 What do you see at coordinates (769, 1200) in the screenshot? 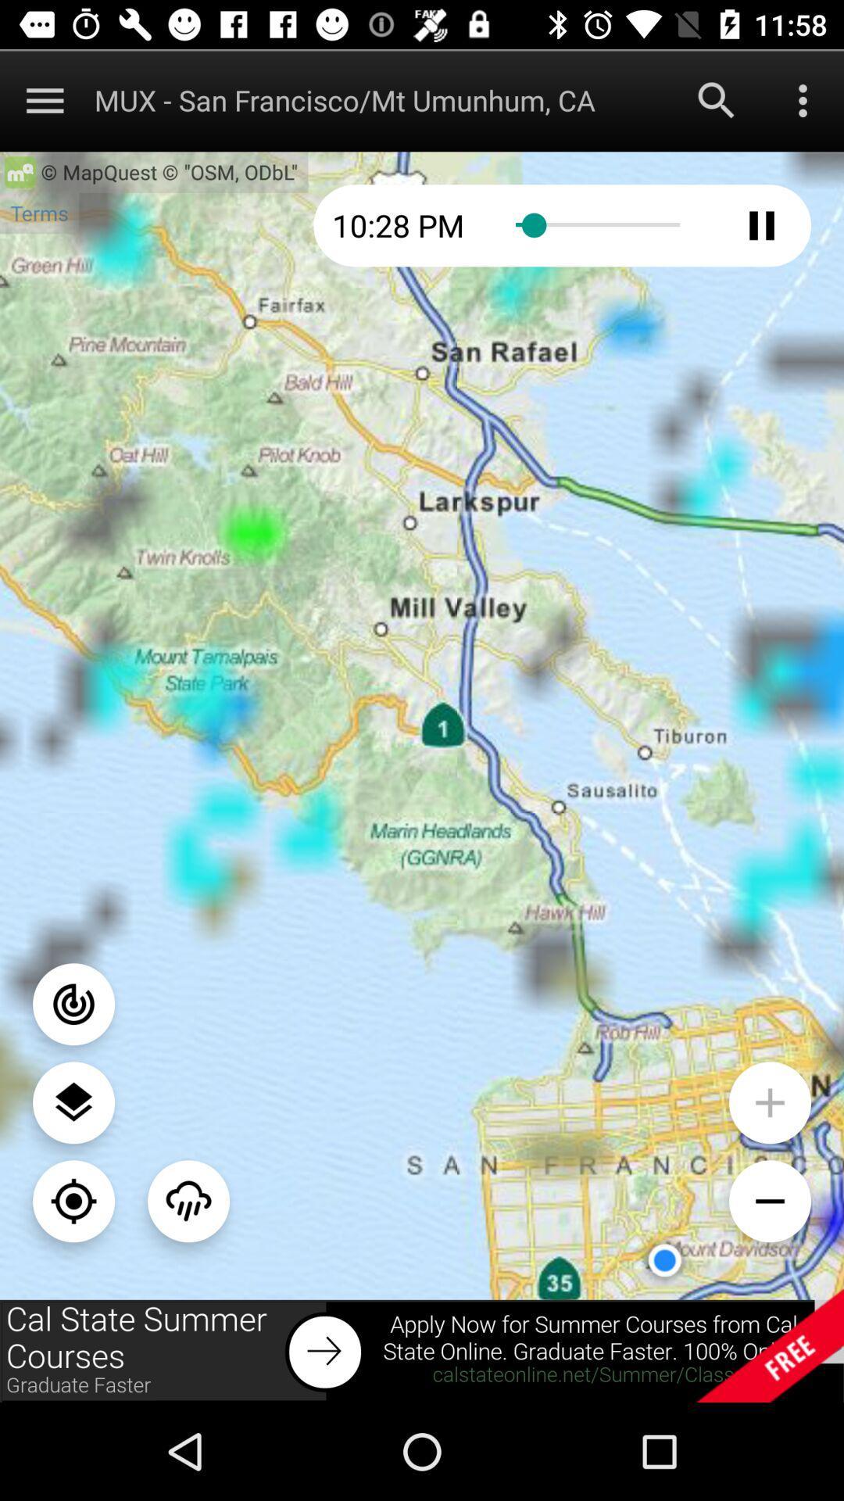
I see `the minus icon` at bounding box center [769, 1200].